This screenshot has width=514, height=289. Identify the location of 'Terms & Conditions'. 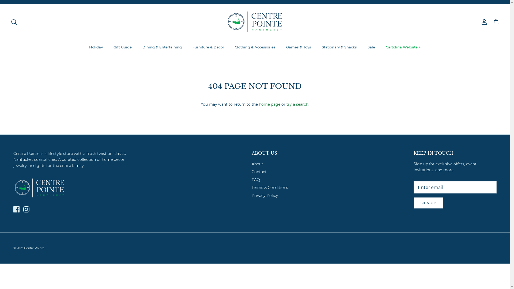
(270, 187).